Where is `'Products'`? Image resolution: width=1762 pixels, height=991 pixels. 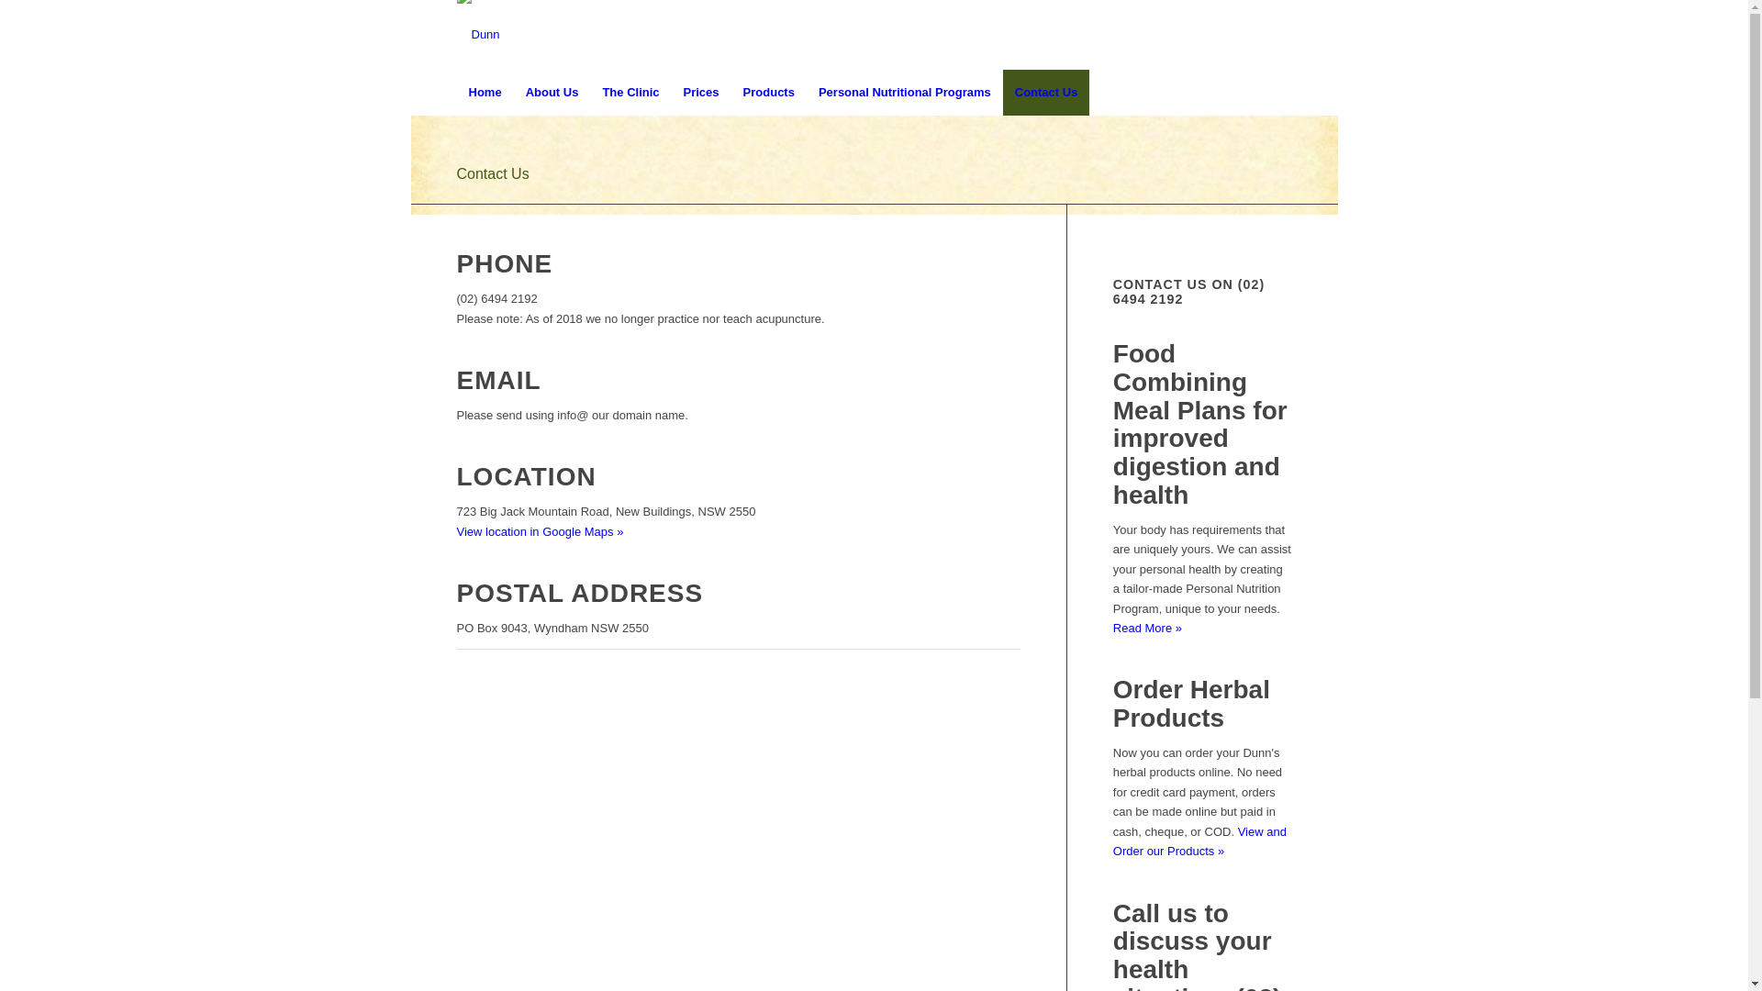 'Products' is located at coordinates (730, 92).